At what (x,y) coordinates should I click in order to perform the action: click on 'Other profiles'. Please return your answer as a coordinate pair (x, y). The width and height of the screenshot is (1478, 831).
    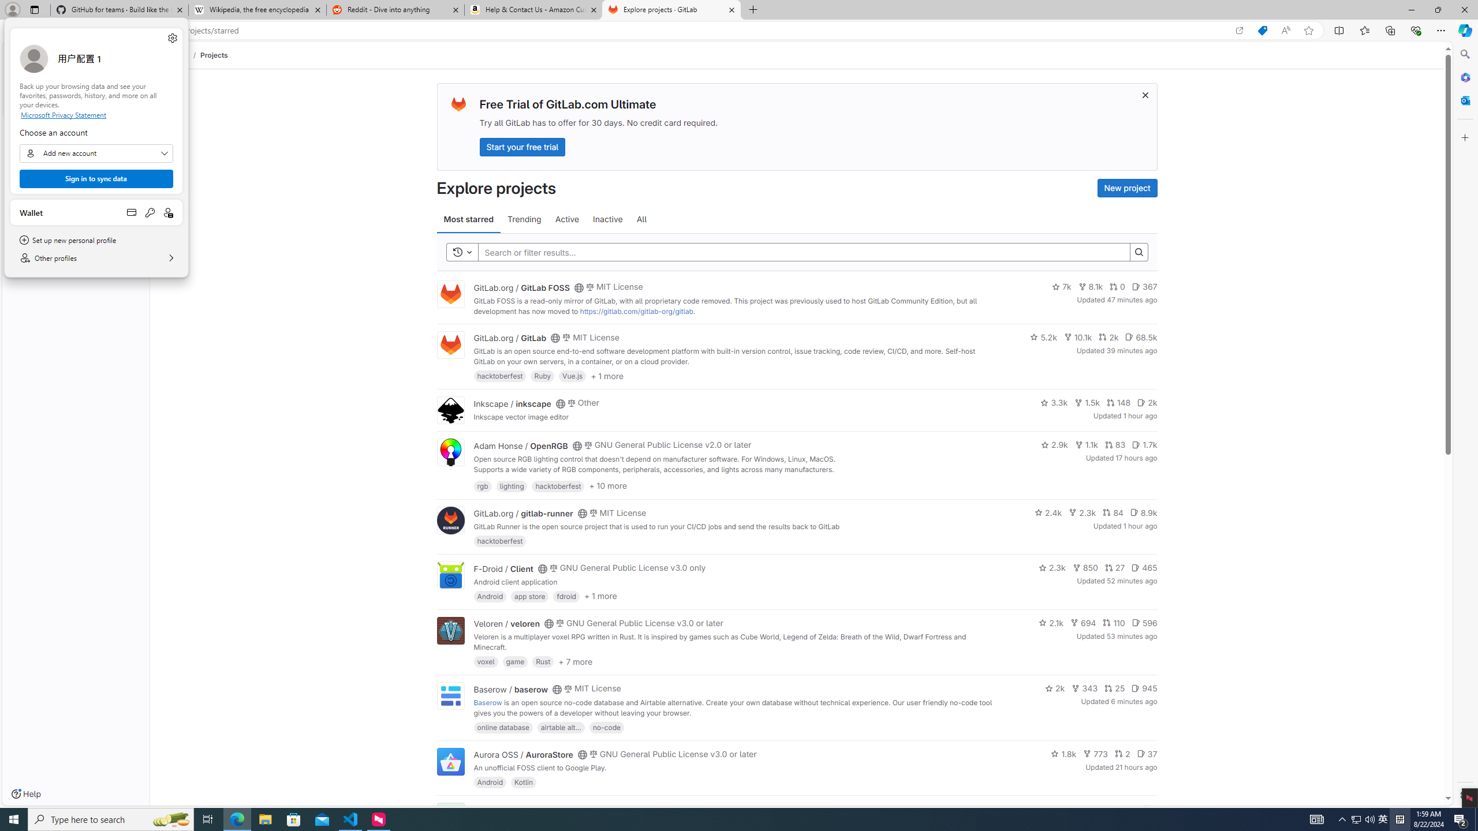
    Looking at the image, I should click on (96, 258).